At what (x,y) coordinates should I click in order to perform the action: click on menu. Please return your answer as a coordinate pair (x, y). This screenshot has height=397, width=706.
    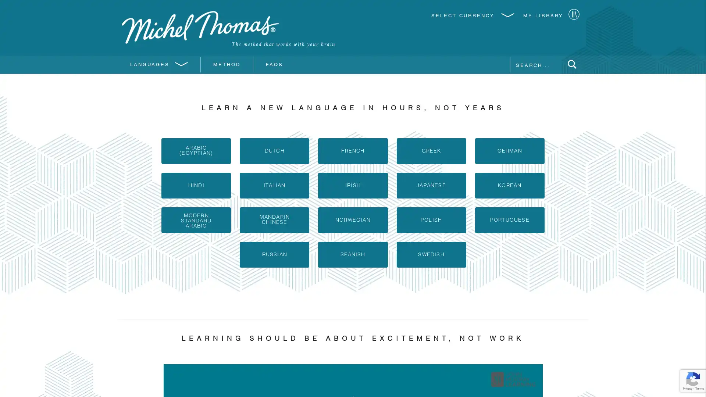
    Looking at the image, I should click on (571, 65).